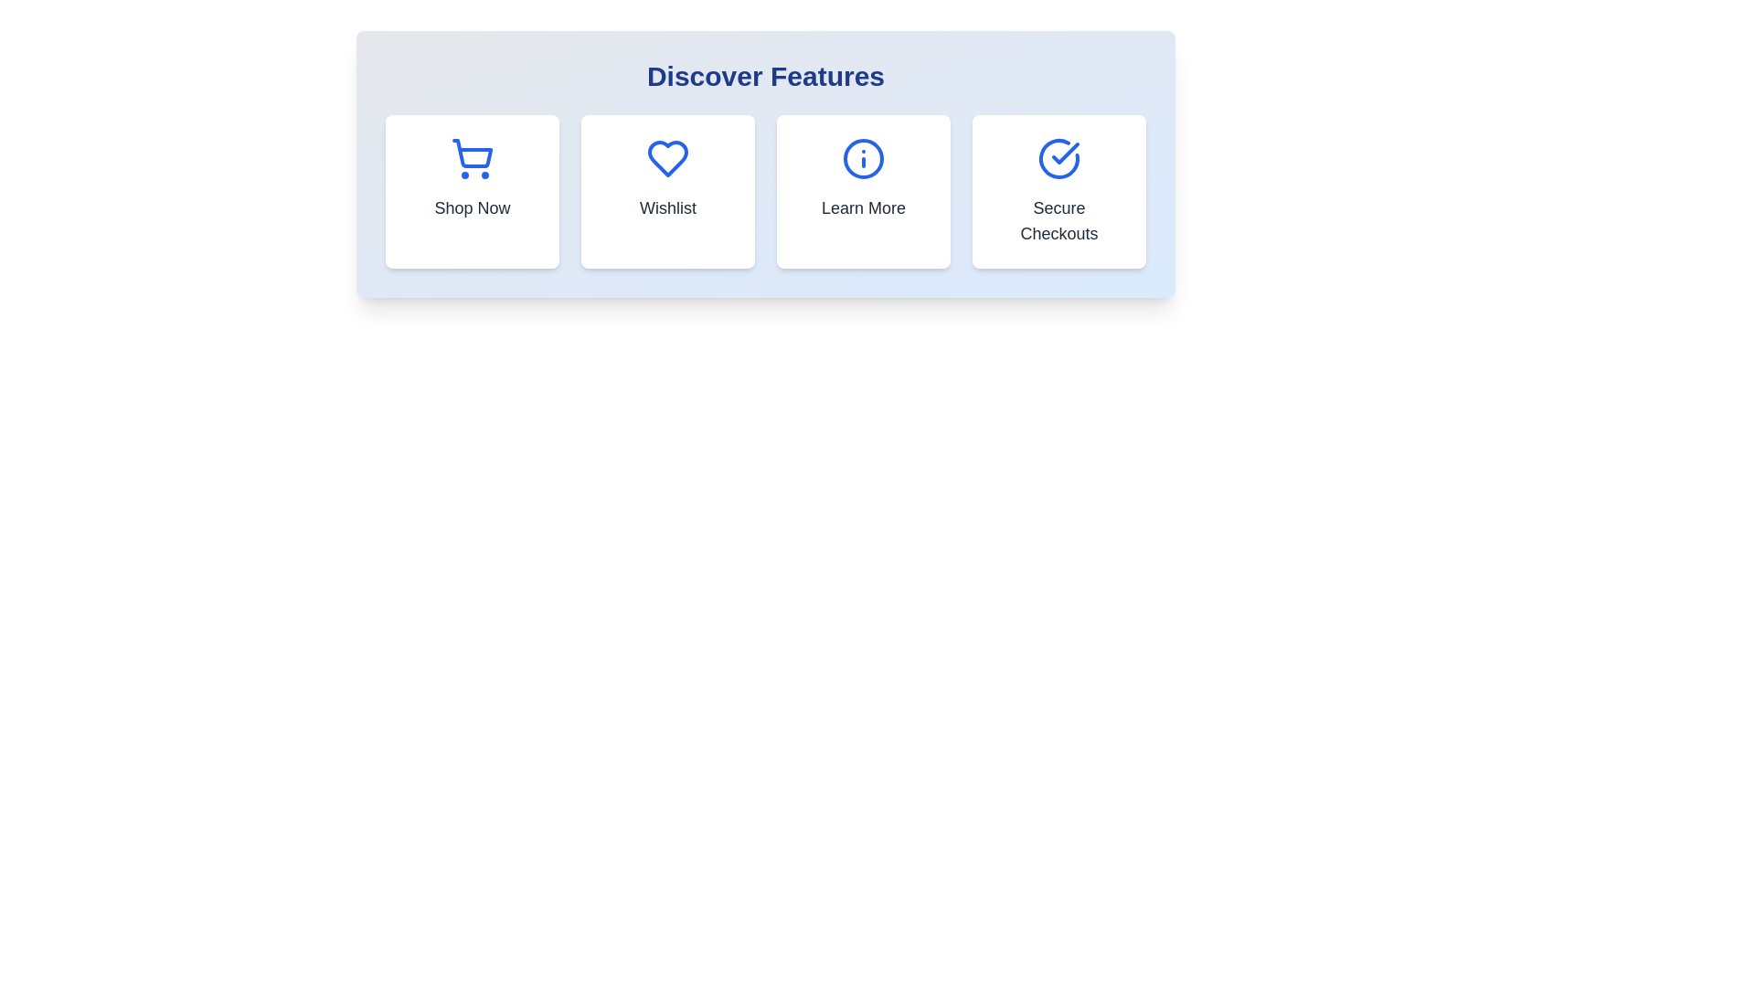 The width and height of the screenshot is (1755, 987). I want to click on the circular blue-stroke icon with a checkmark inside, located in the central upper area of the fourth card labeled 'Secure Checkouts', so click(1058, 157).